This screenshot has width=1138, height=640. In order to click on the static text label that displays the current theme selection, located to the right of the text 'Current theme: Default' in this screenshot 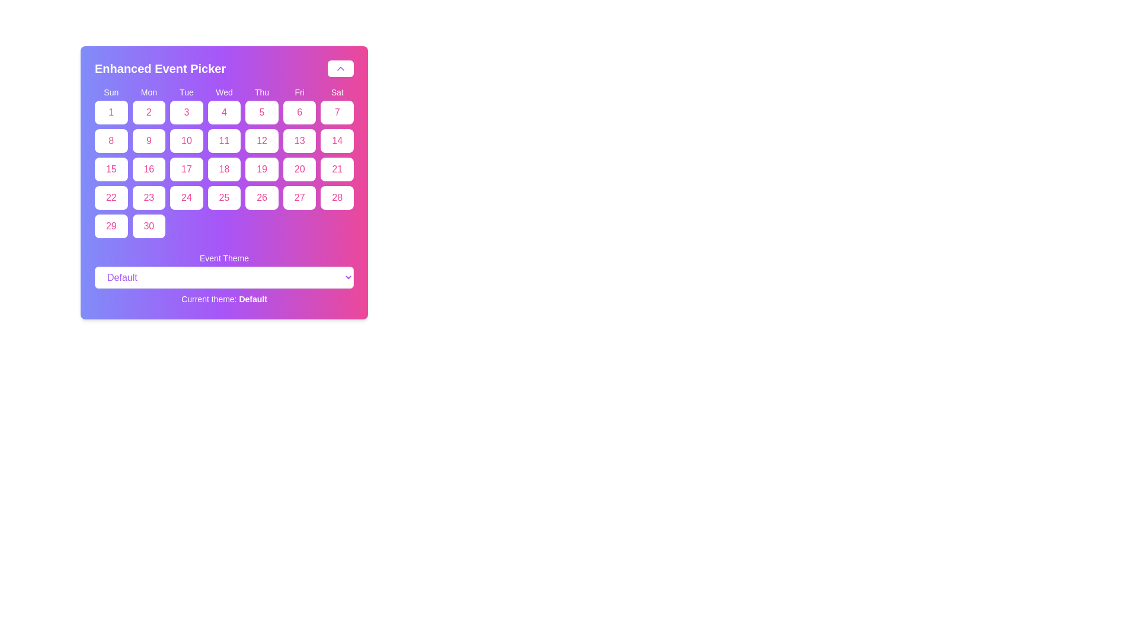, I will do `click(252, 299)`.